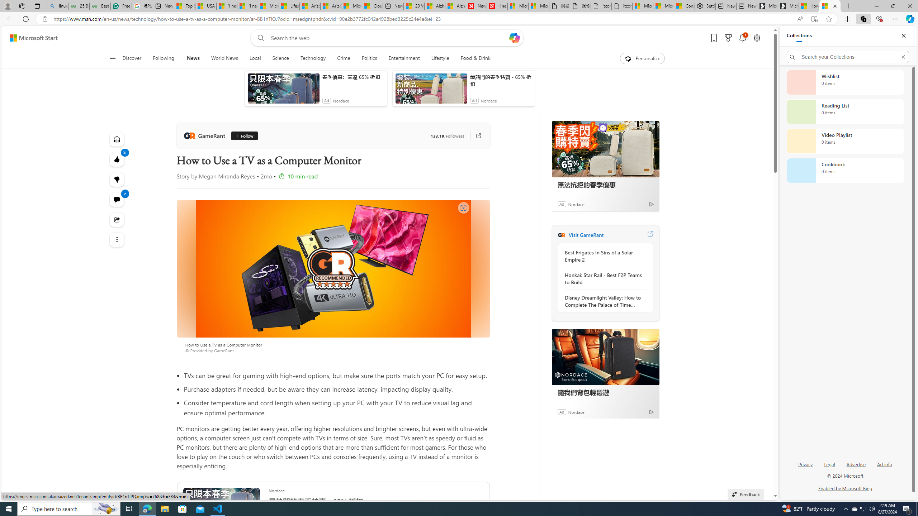  I want to click on 'World News', so click(224, 58).